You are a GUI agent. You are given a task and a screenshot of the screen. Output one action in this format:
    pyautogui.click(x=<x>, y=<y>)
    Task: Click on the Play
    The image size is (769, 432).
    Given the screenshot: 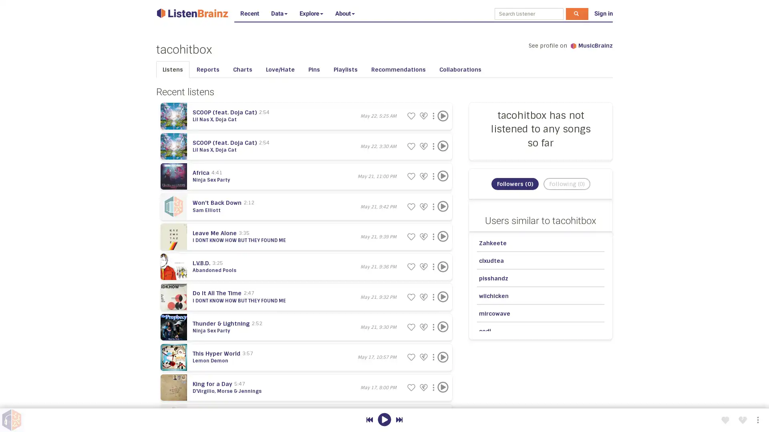 What is the action you would take?
    pyautogui.click(x=442, y=387)
    